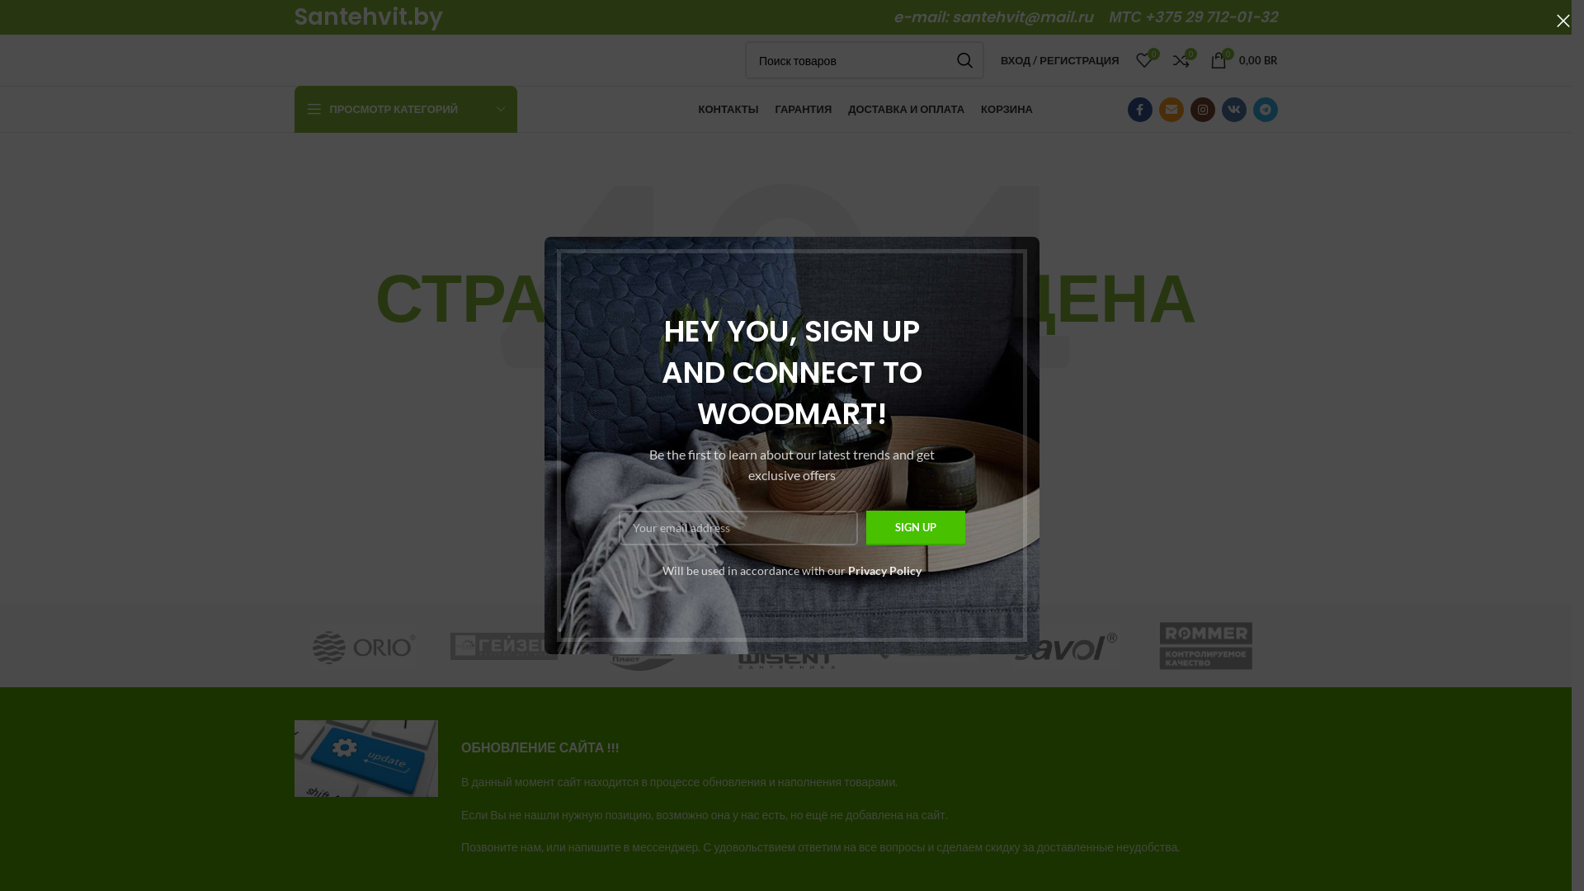  What do you see at coordinates (884, 569) in the screenshot?
I see `'Privacy Policy'` at bounding box center [884, 569].